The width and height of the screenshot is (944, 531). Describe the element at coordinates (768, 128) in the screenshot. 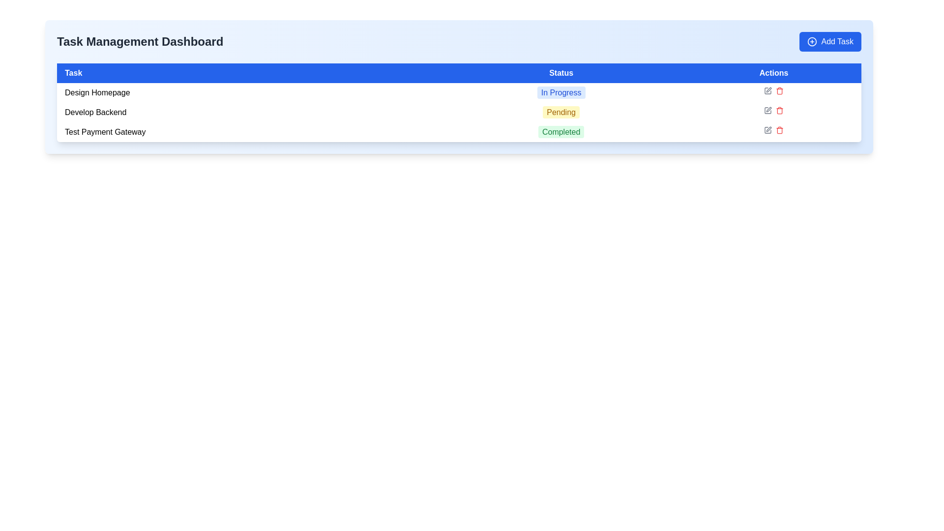

I see `the edit button for the task titled 'Test Payment Gateway'` at that location.